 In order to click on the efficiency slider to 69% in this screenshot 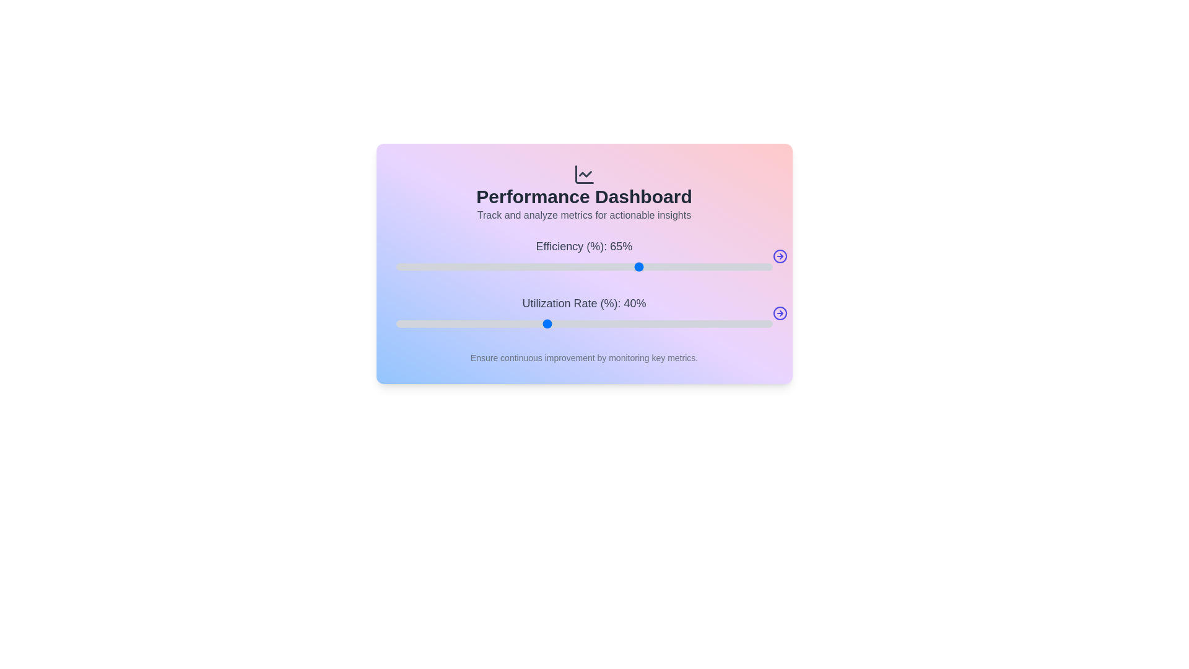, I will do `click(655, 266)`.